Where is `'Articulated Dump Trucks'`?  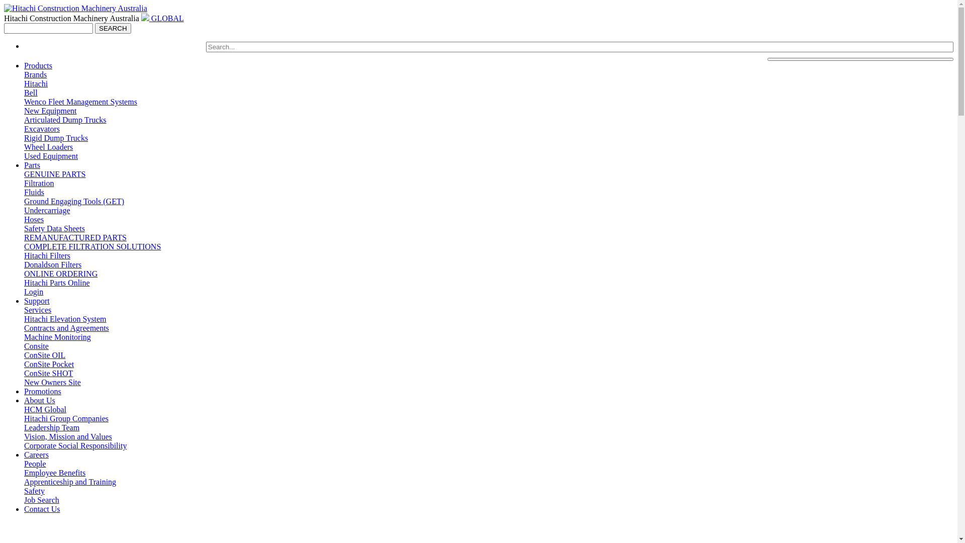
'Articulated Dump Trucks' is located at coordinates (24, 119).